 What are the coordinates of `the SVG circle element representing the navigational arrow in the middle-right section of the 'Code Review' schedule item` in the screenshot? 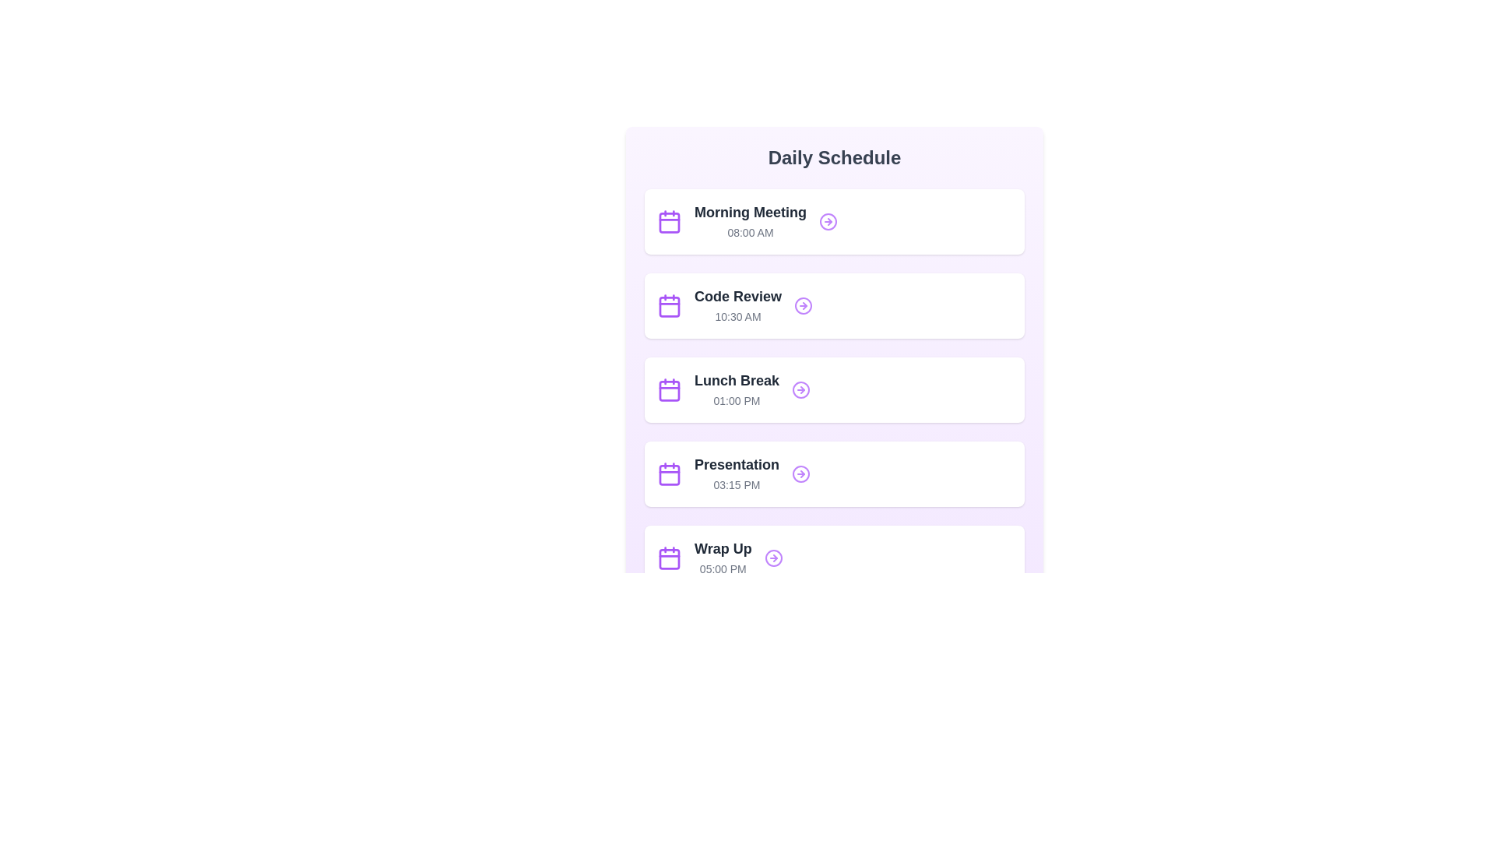 It's located at (804, 306).